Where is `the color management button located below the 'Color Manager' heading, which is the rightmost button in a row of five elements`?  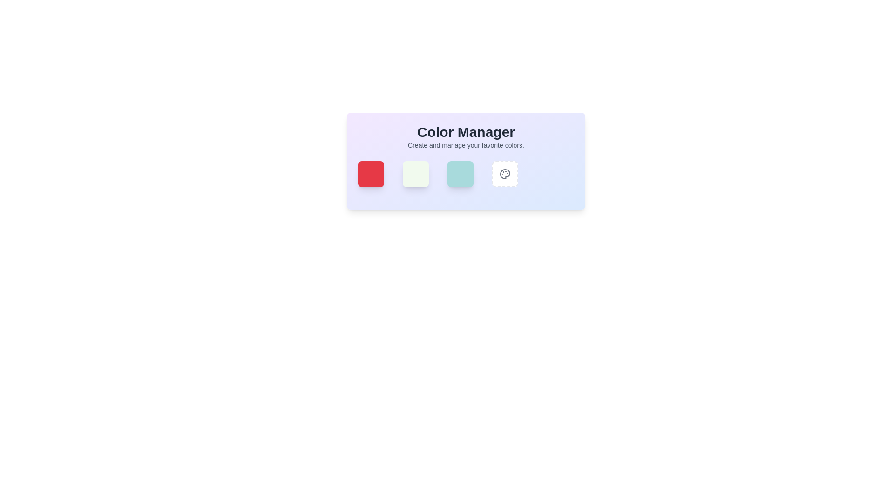 the color management button located below the 'Color Manager' heading, which is the rightmost button in a row of five elements is located at coordinates (504, 174).